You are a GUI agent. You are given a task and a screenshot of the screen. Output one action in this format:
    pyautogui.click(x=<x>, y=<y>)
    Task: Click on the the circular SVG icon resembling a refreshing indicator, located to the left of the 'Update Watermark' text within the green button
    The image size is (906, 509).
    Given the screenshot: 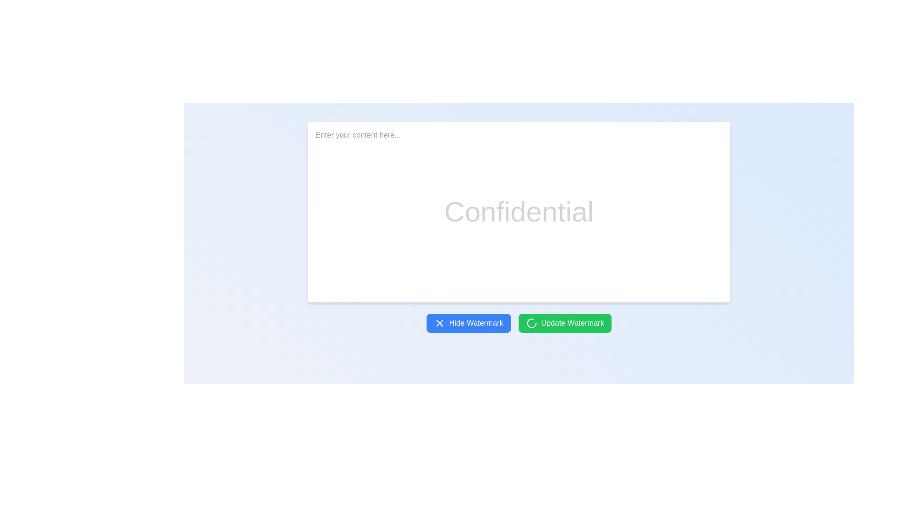 What is the action you would take?
    pyautogui.click(x=531, y=323)
    